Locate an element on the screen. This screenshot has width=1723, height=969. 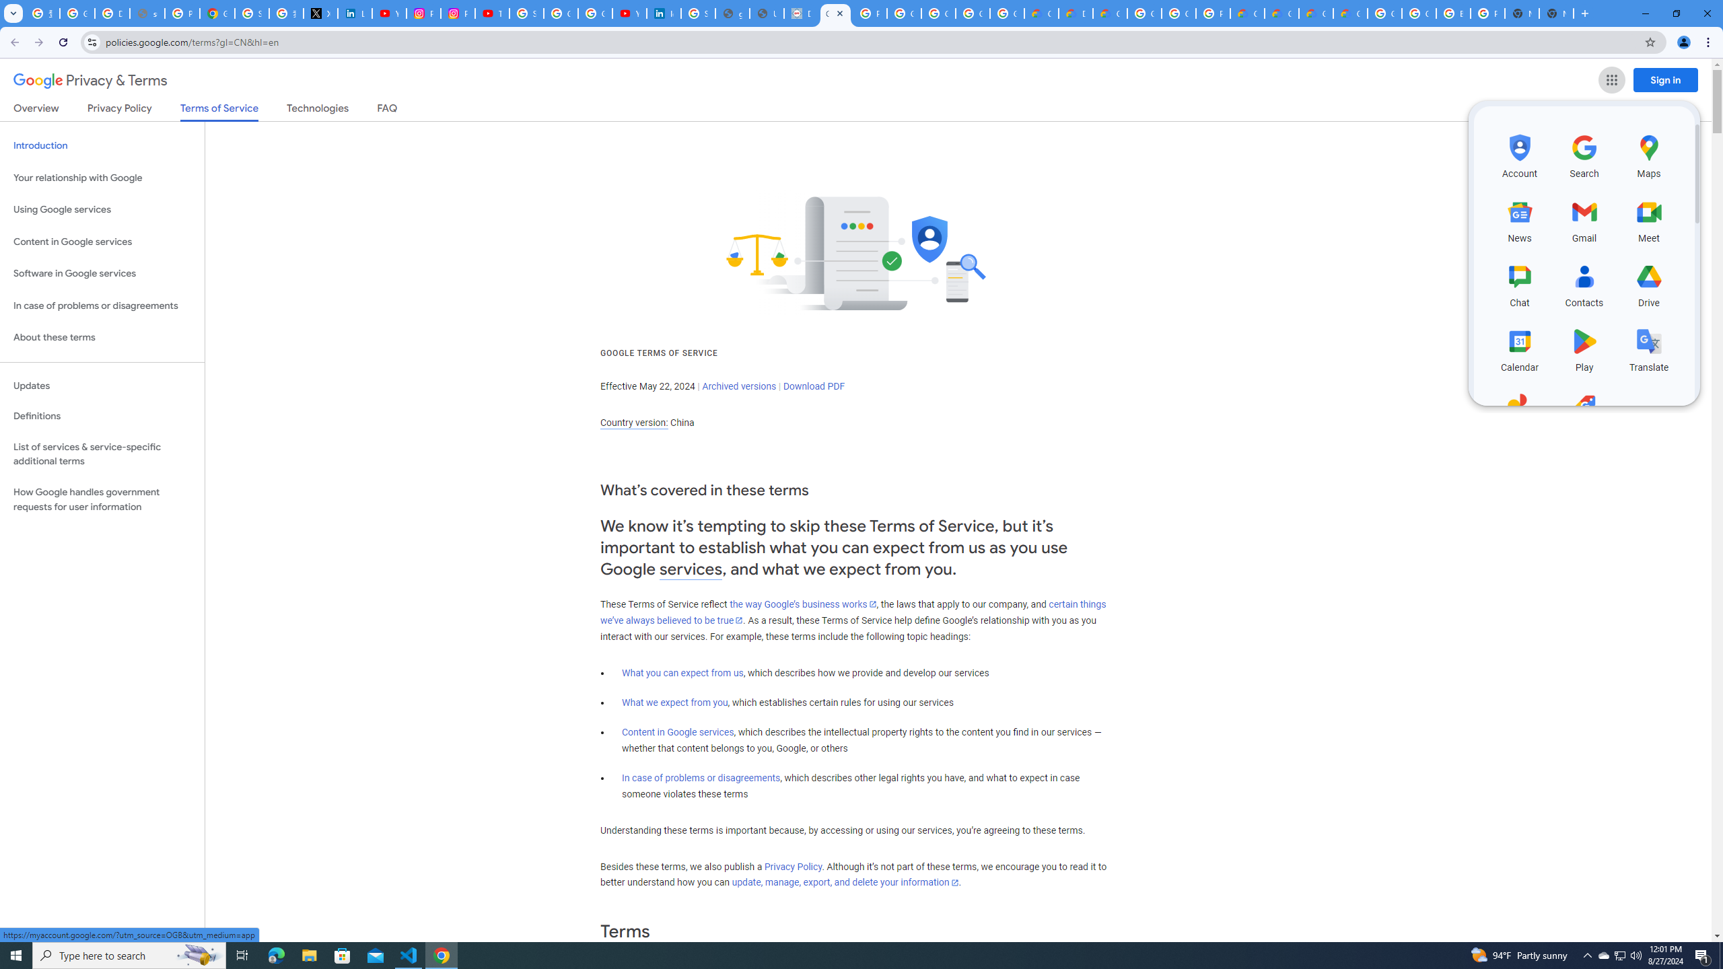
'Privacy Policy' is located at coordinates (792, 866).